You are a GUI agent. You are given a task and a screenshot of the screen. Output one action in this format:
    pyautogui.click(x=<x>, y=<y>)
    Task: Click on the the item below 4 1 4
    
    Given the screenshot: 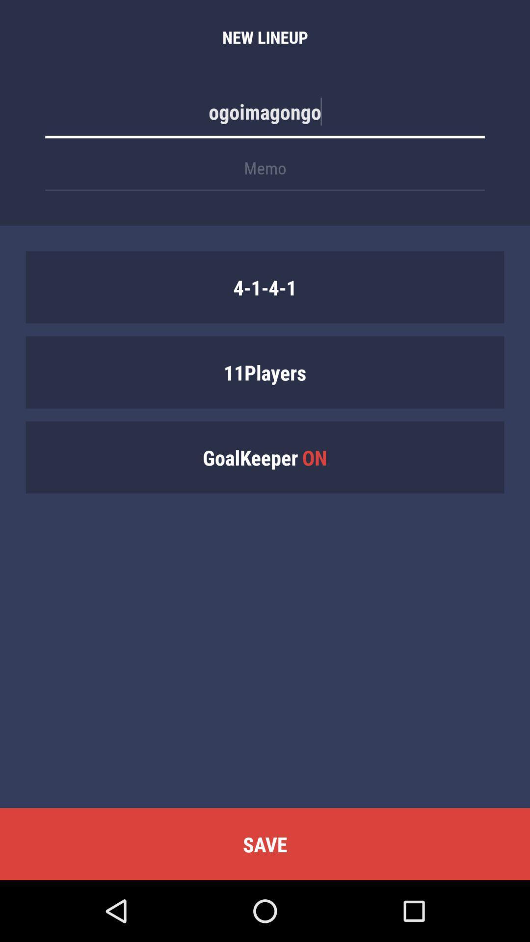 What is the action you would take?
    pyautogui.click(x=265, y=371)
    